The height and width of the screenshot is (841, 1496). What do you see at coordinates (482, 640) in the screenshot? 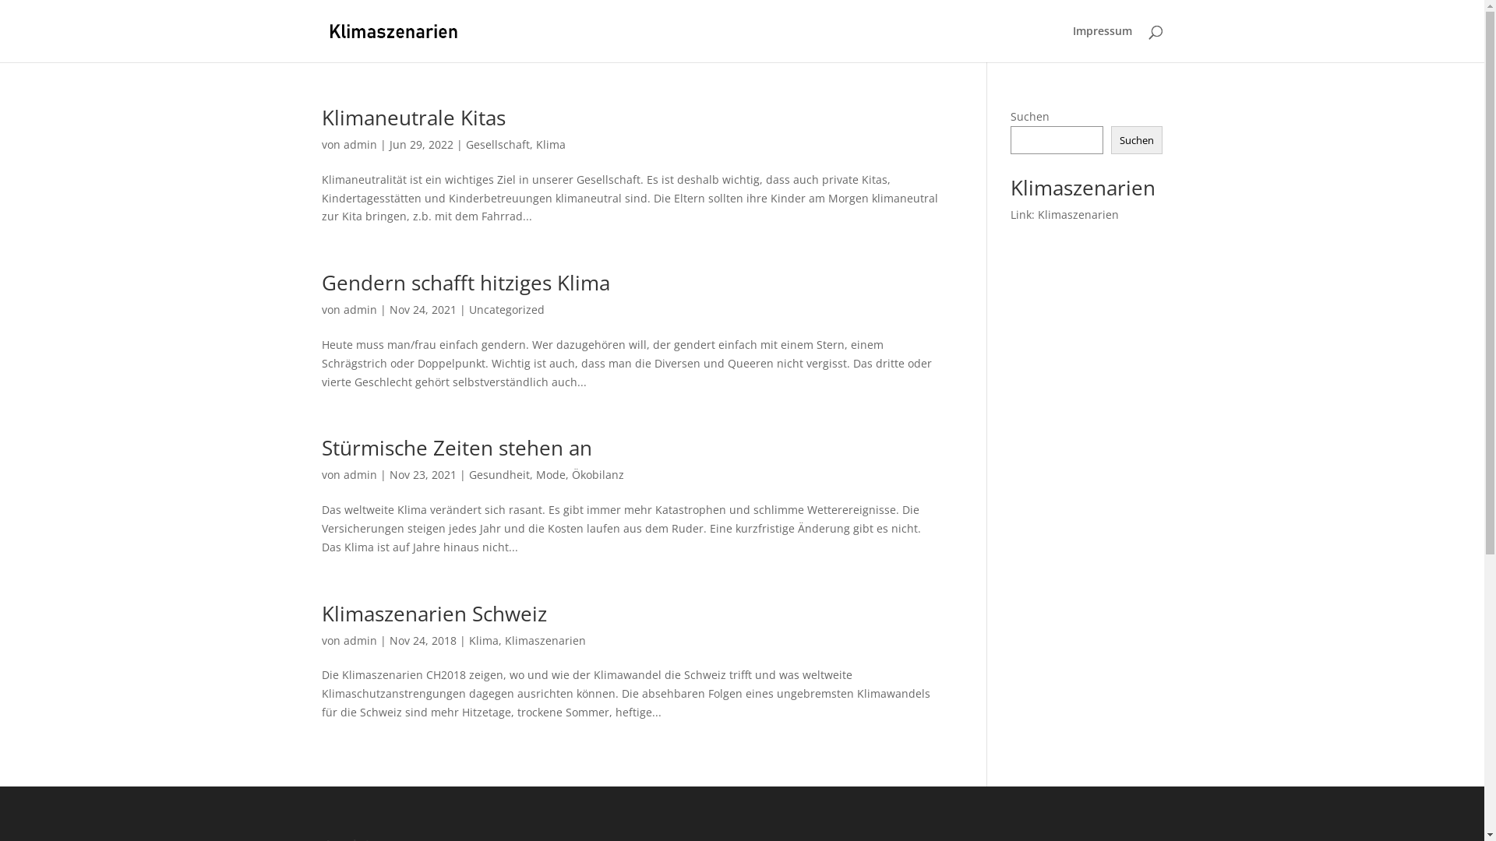
I see `'Klima'` at bounding box center [482, 640].